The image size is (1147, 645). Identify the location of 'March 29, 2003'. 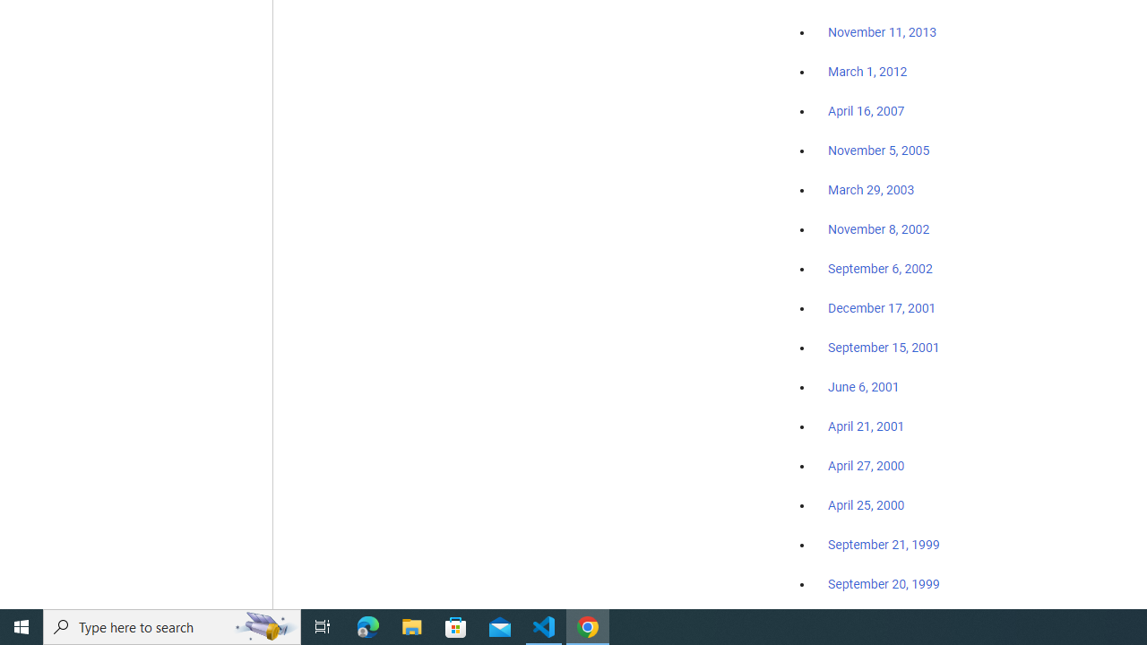
(871, 190).